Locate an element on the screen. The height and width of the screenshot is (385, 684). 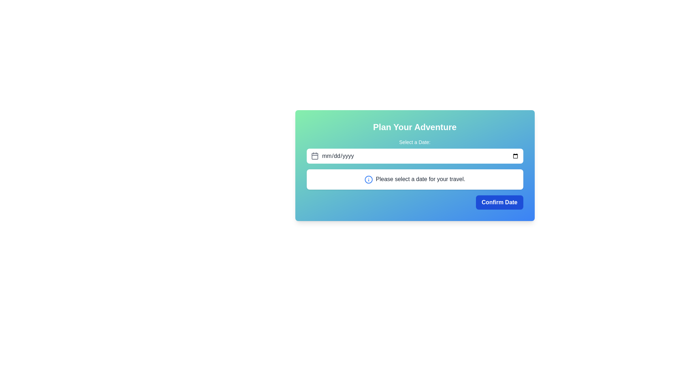
the informational message icon positioned to the left of the text 'Please select a date for your travel.' is located at coordinates (369, 179).